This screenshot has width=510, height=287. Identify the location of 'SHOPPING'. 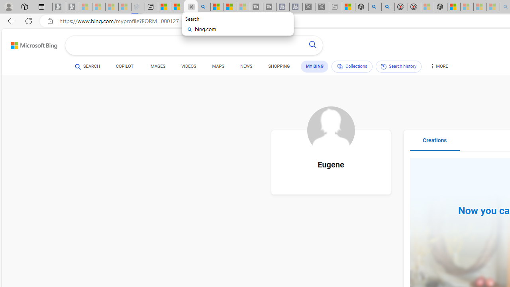
(279, 66).